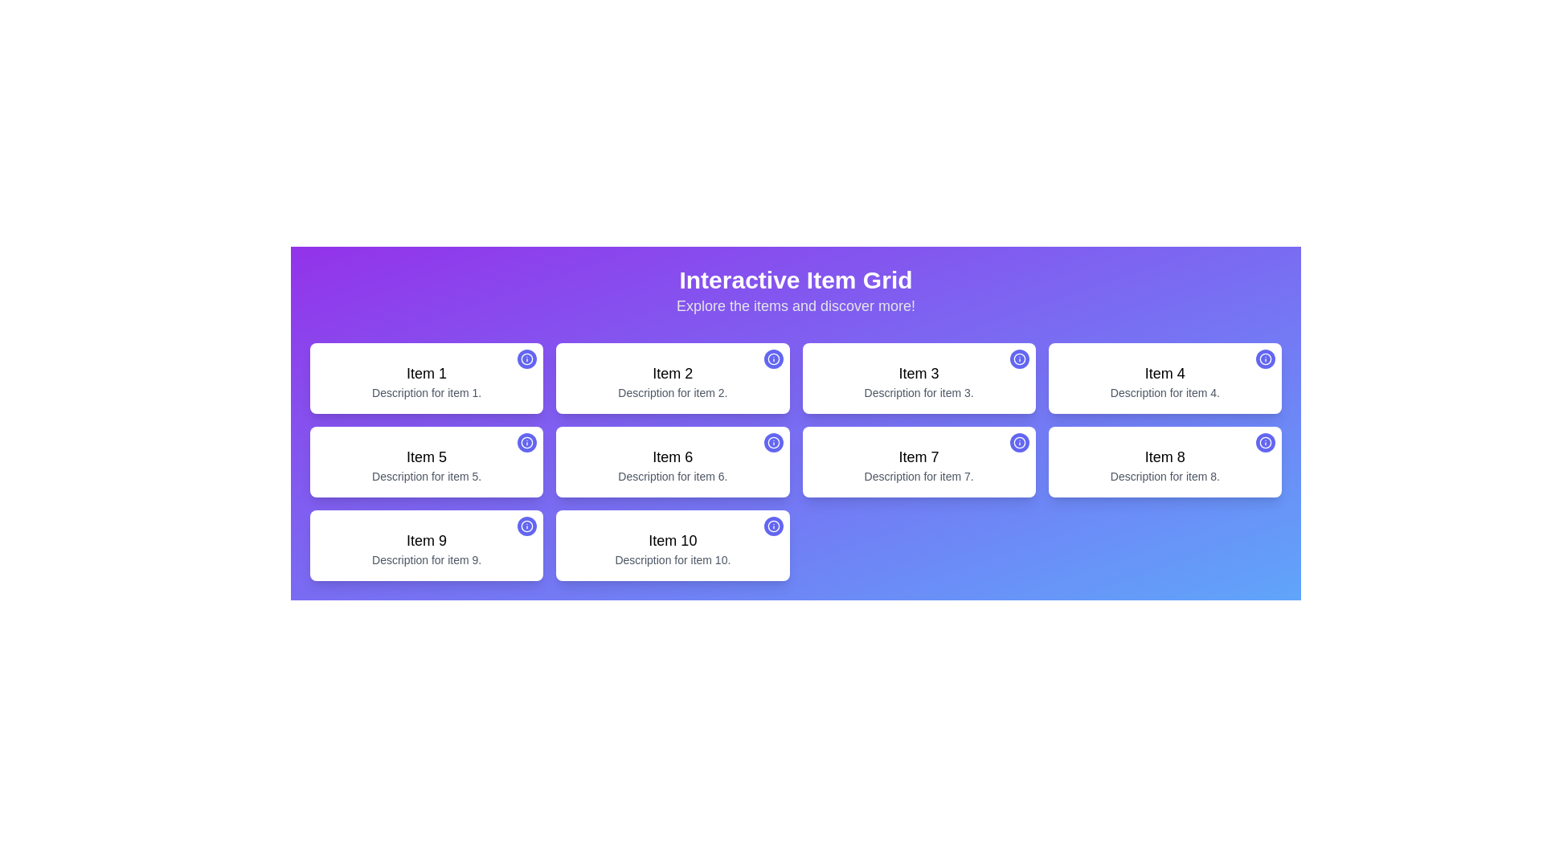 This screenshot has height=868, width=1543. Describe the element at coordinates (527, 526) in the screenshot. I see `the information indicator icon located at the top right corner of the card labeled 'Item 9', which serves as a compact, interactive badge overlay` at that location.